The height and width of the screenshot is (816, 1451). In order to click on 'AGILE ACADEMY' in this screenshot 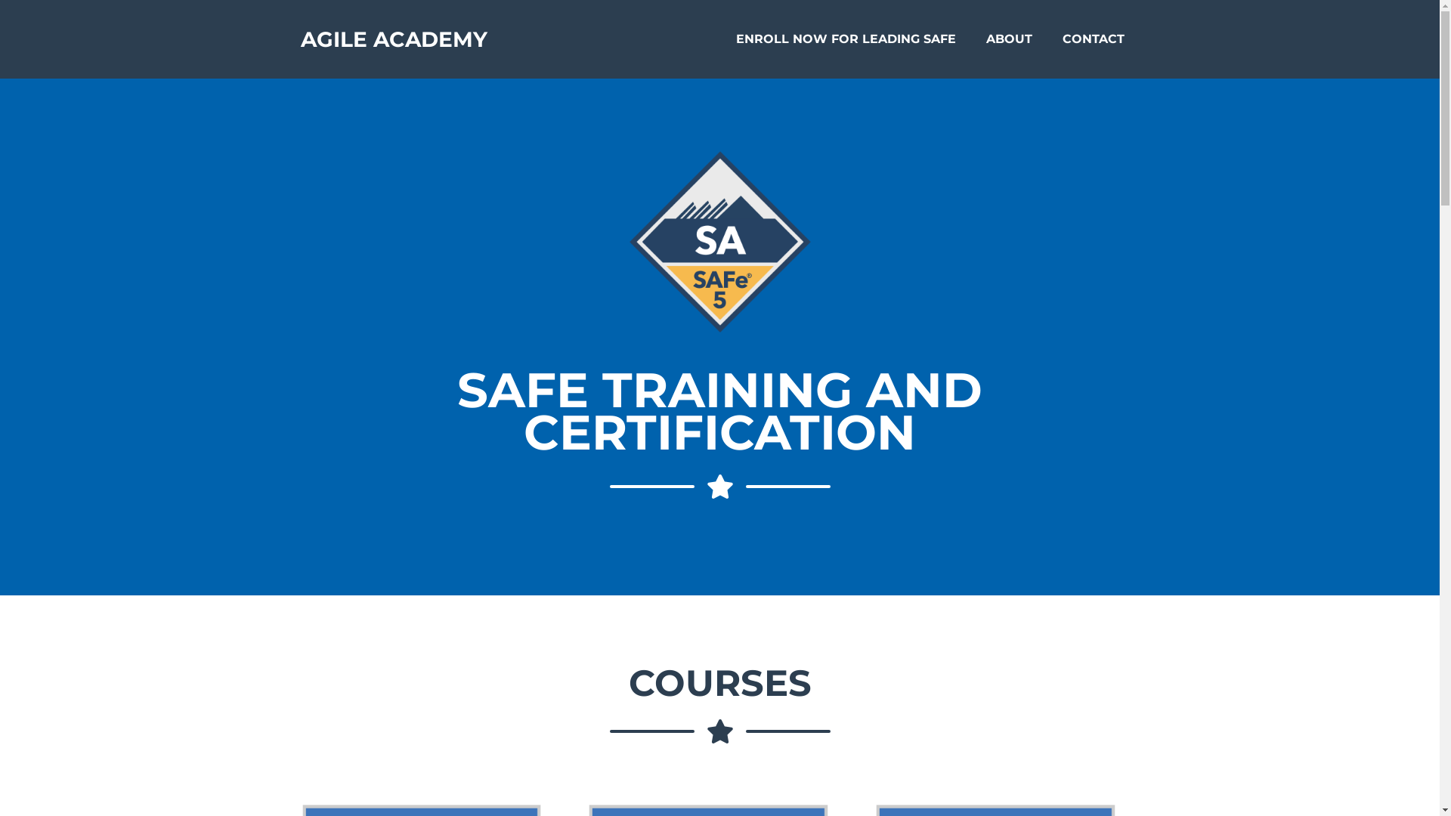, I will do `click(394, 38)`.